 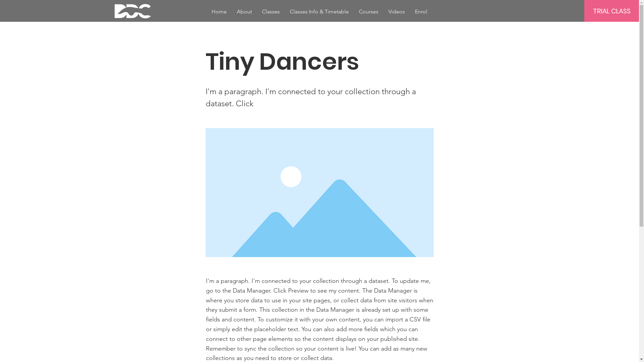 I want to click on 'About', so click(x=244, y=11).